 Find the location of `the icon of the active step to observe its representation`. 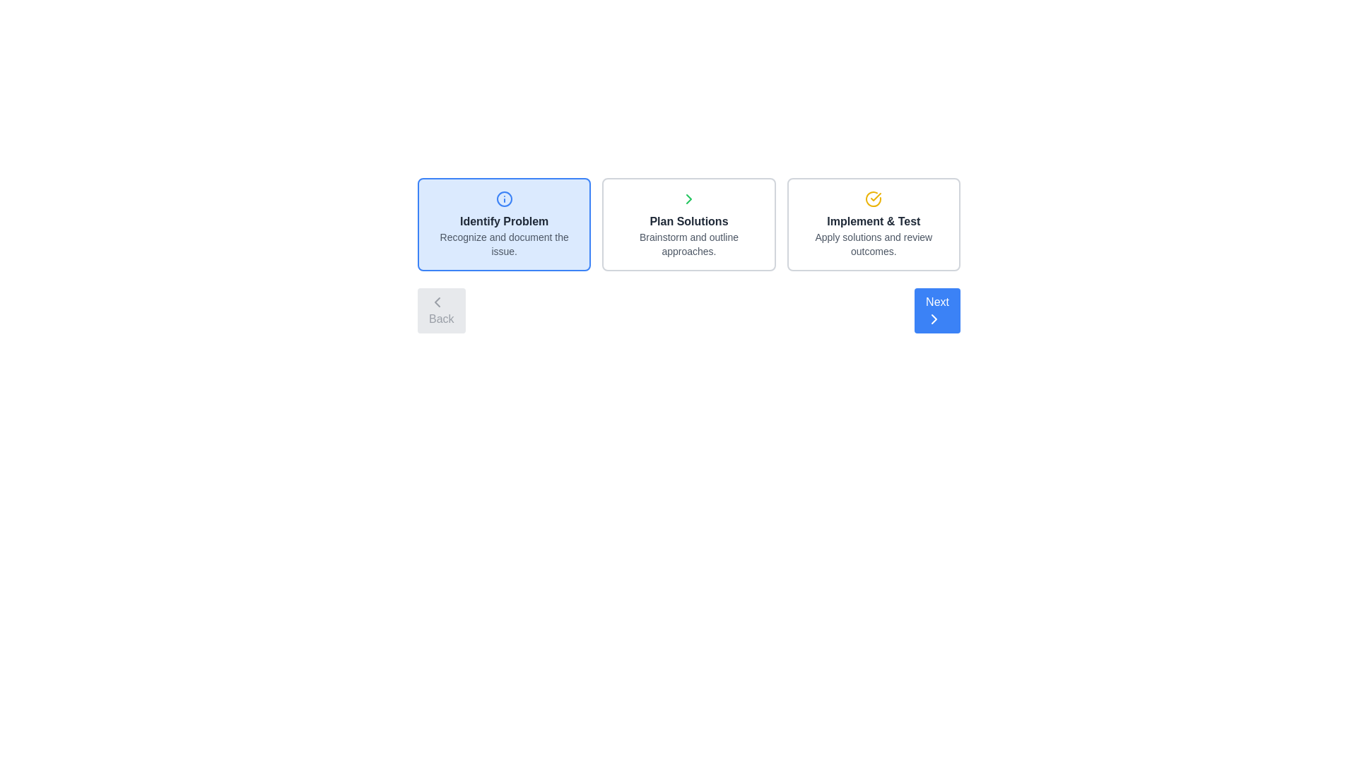

the icon of the active step to observe its representation is located at coordinates (504, 199).